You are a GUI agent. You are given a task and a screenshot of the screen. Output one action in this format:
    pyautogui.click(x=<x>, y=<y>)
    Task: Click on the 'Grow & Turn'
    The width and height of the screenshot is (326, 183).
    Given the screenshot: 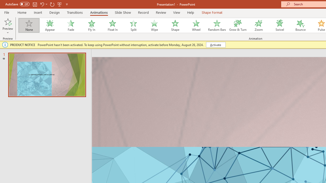 What is the action you would take?
    pyautogui.click(x=238, y=25)
    